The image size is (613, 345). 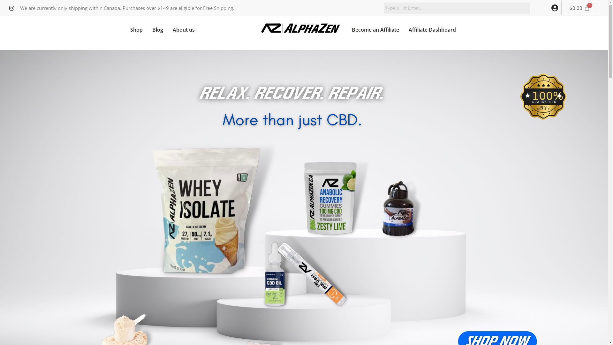 I want to click on 'Affiliate Dashboard', so click(x=432, y=29).